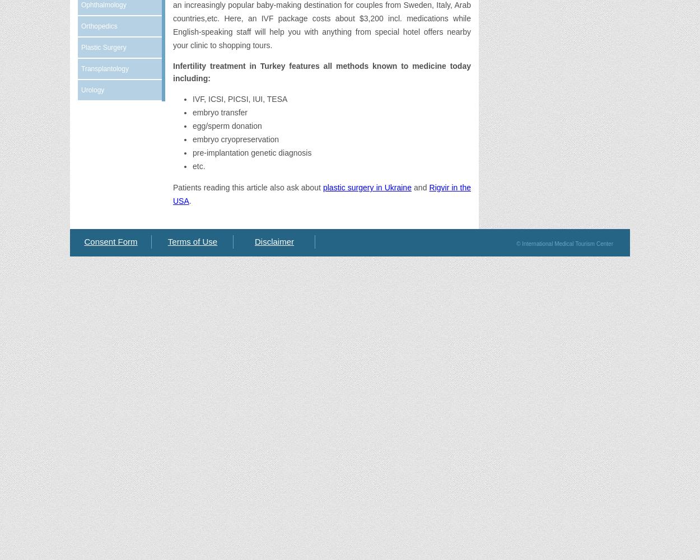 The height and width of the screenshot is (560, 700). I want to click on 'Patients reading this article also ask about', so click(247, 187).